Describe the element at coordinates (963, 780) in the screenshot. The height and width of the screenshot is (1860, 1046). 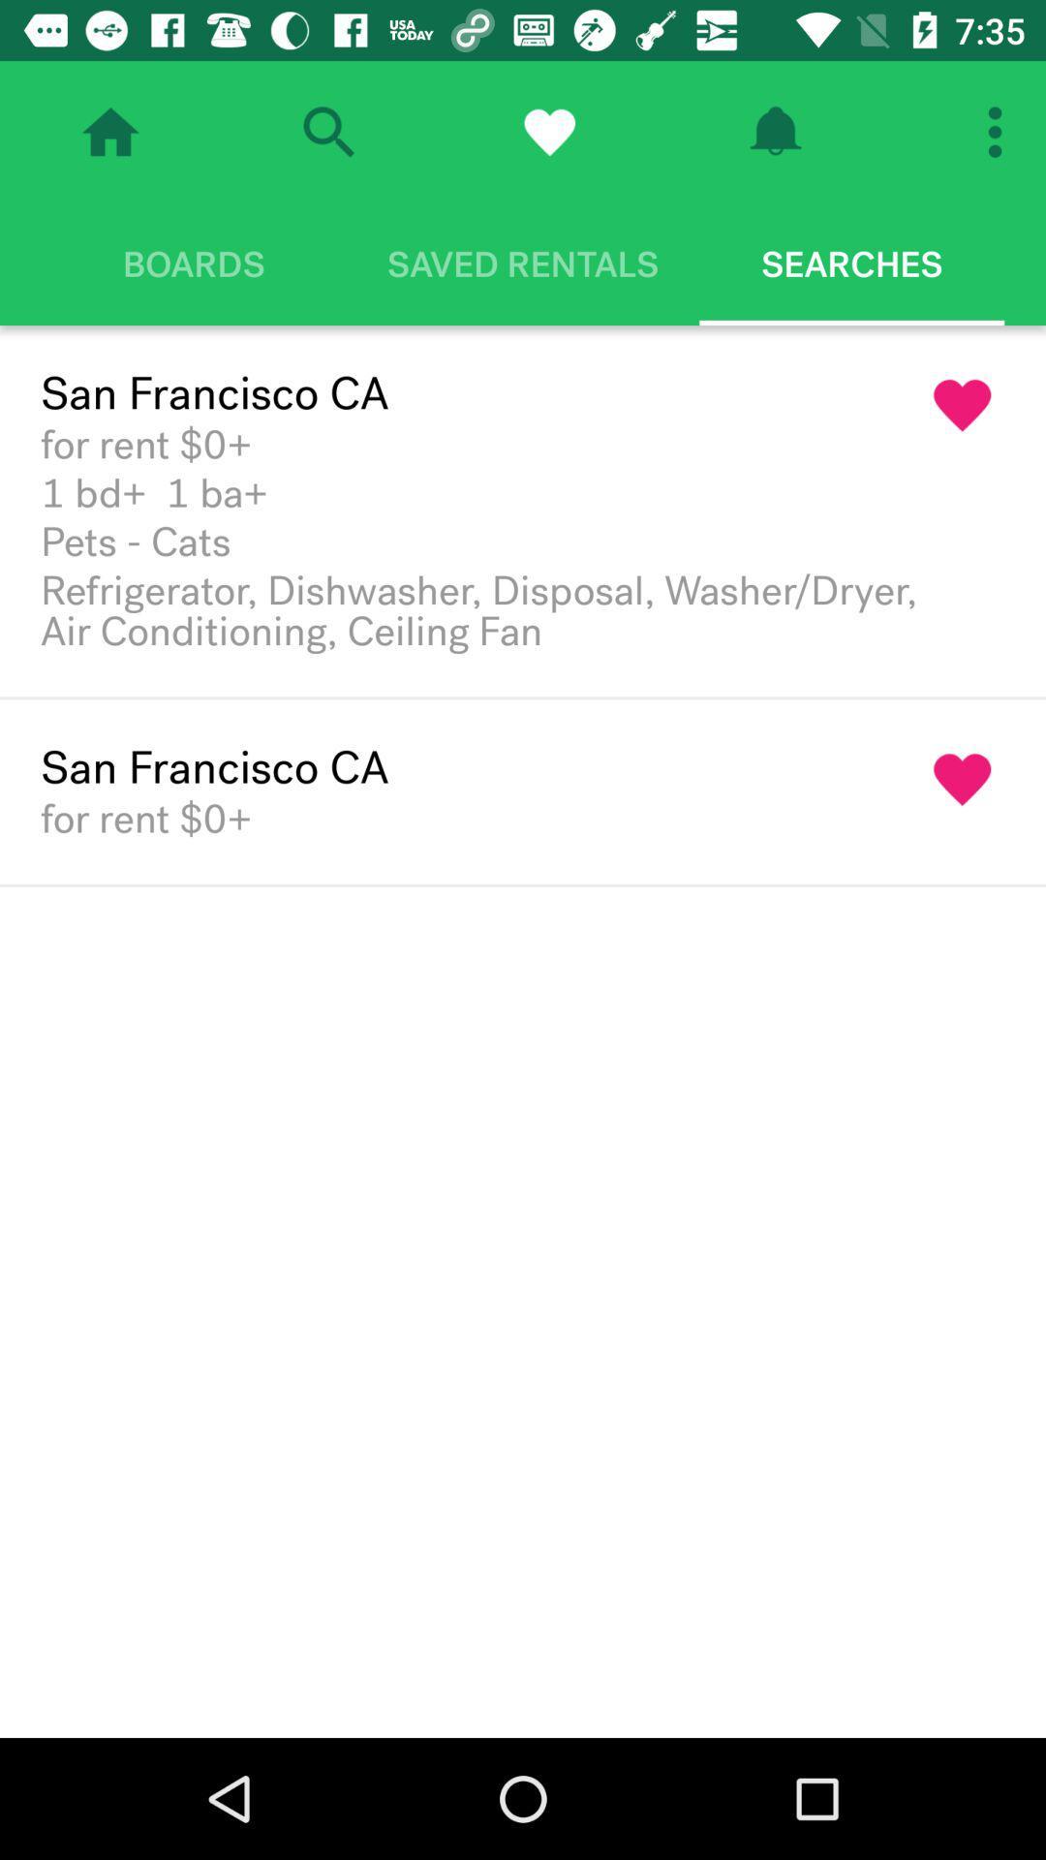
I see `love the listing` at that location.